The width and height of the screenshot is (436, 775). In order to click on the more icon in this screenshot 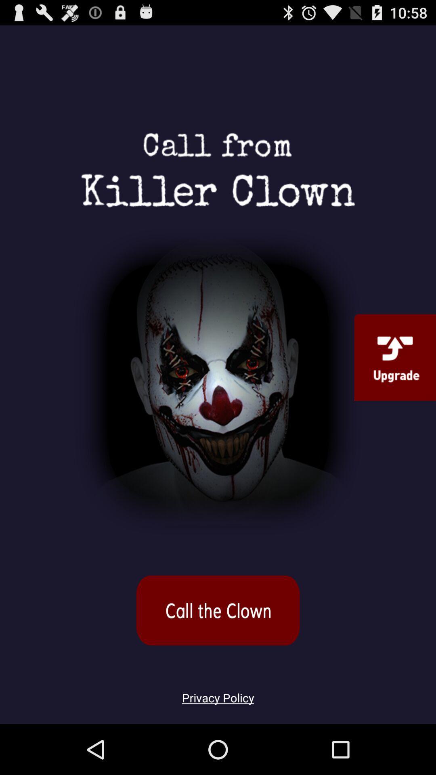, I will do `click(218, 653)`.